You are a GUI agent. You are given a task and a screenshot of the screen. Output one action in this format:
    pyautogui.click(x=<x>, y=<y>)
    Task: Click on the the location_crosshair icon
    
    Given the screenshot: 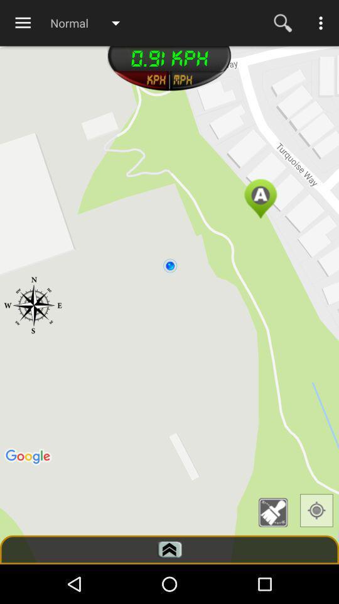 What is the action you would take?
    pyautogui.click(x=316, y=510)
    